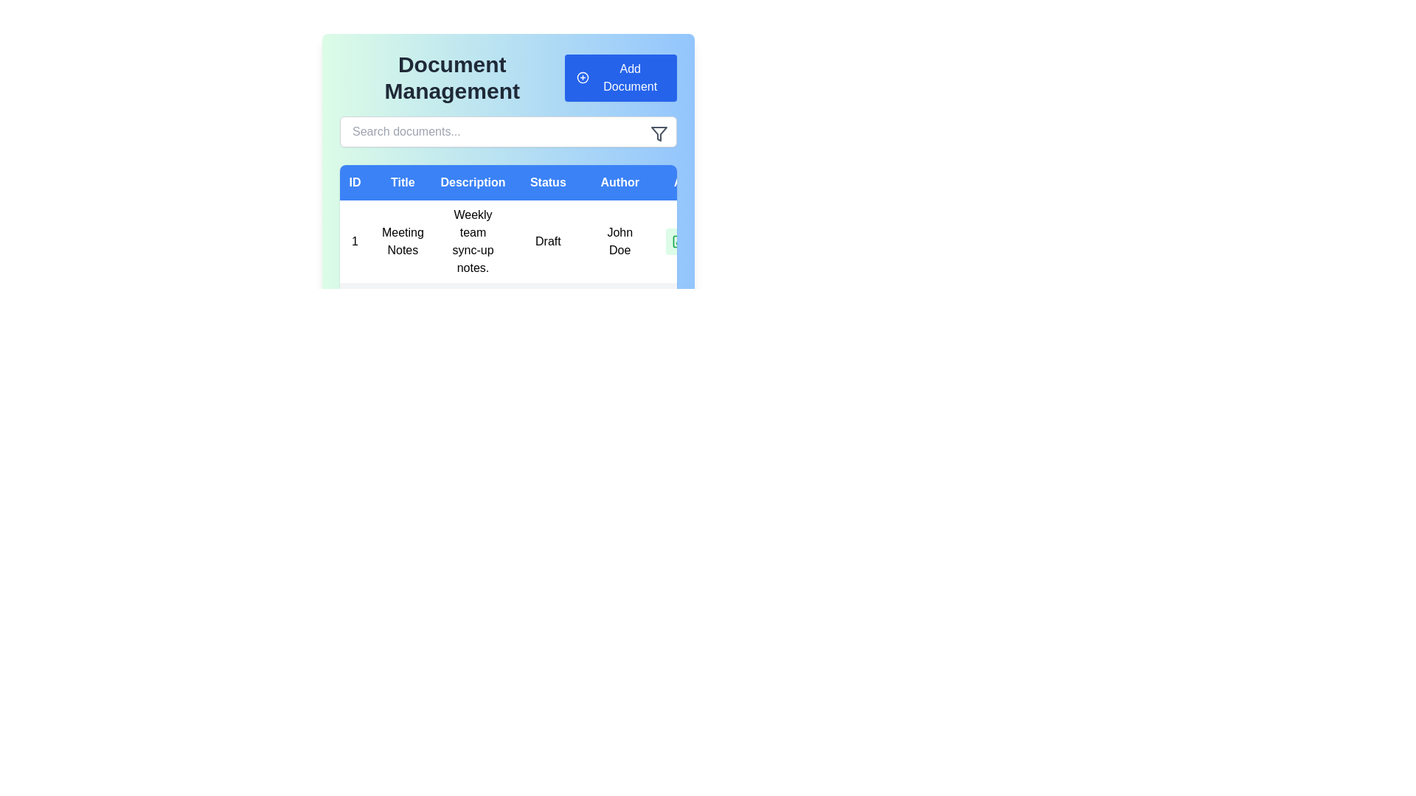 This screenshot has height=796, width=1416. Describe the element at coordinates (403, 181) in the screenshot. I see `the bold text label reading 'Title', which is styled with a white font on a blue background and serves as the second column header in the table layout` at that location.